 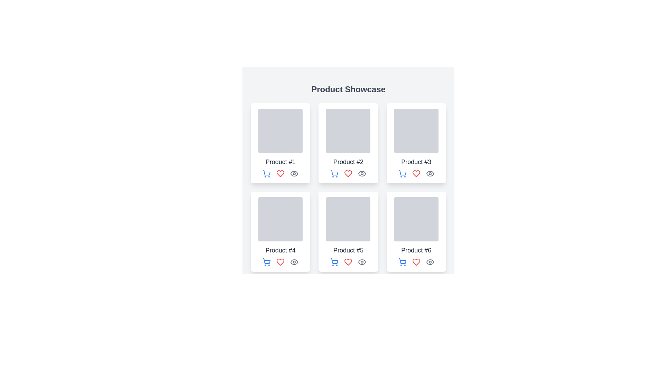 I want to click on the eye icon button, which is the third interactive element in the row of icons under 'Product #5', so click(x=362, y=262).